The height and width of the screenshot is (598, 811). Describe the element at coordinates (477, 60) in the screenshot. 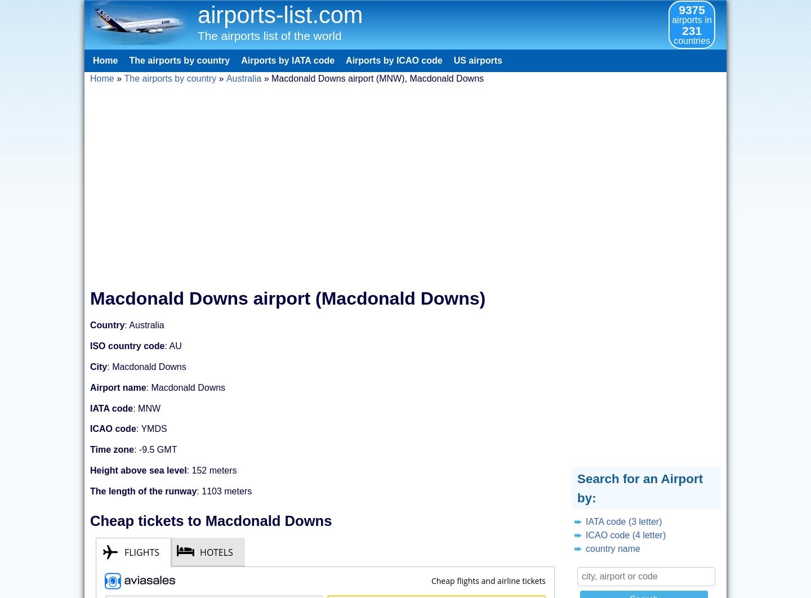

I see `'US airports'` at that location.